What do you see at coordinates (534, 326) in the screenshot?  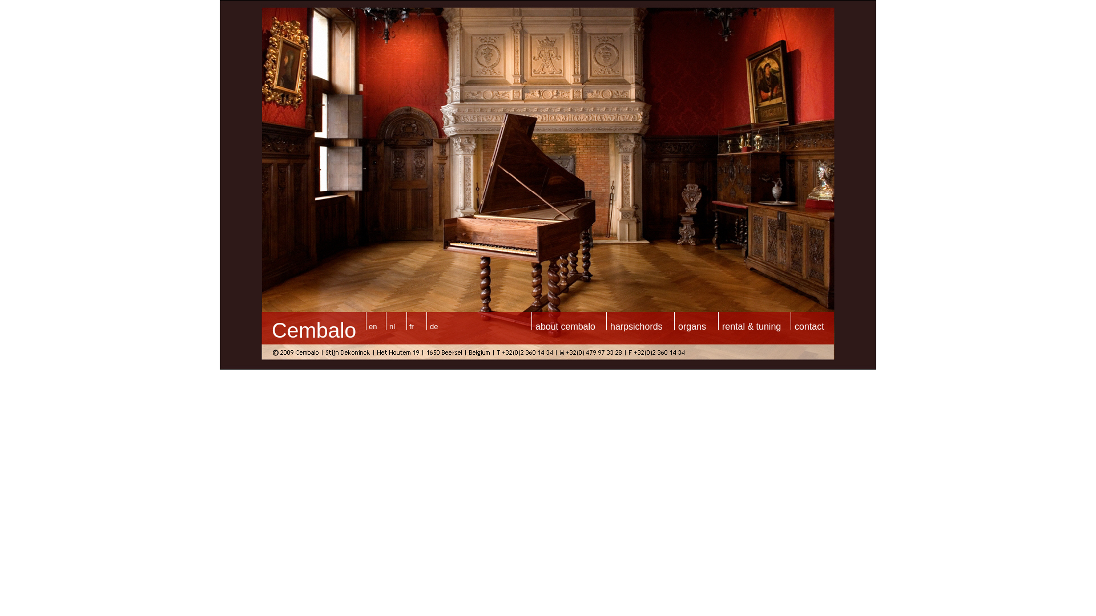 I see `'about cembalo'` at bounding box center [534, 326].